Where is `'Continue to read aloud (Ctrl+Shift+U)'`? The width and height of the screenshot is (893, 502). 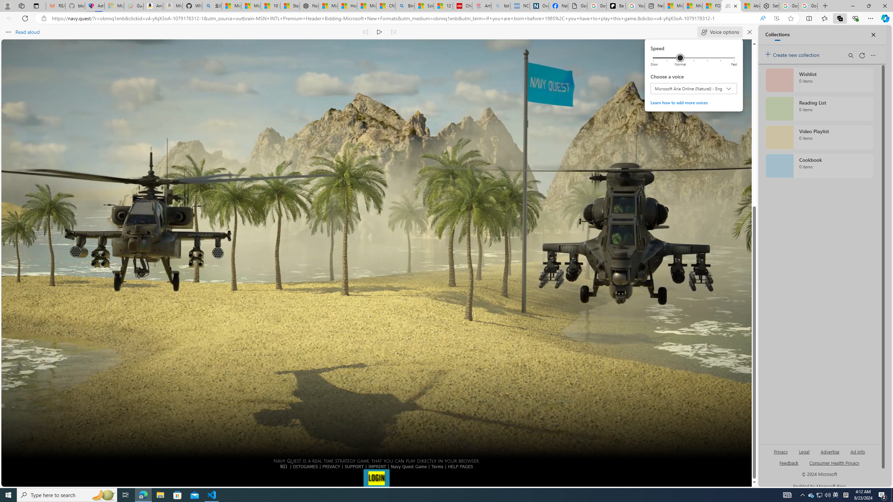 'Continue to read aloud (Ctrl+Shift+U)' is located at coordinates (380, 32).